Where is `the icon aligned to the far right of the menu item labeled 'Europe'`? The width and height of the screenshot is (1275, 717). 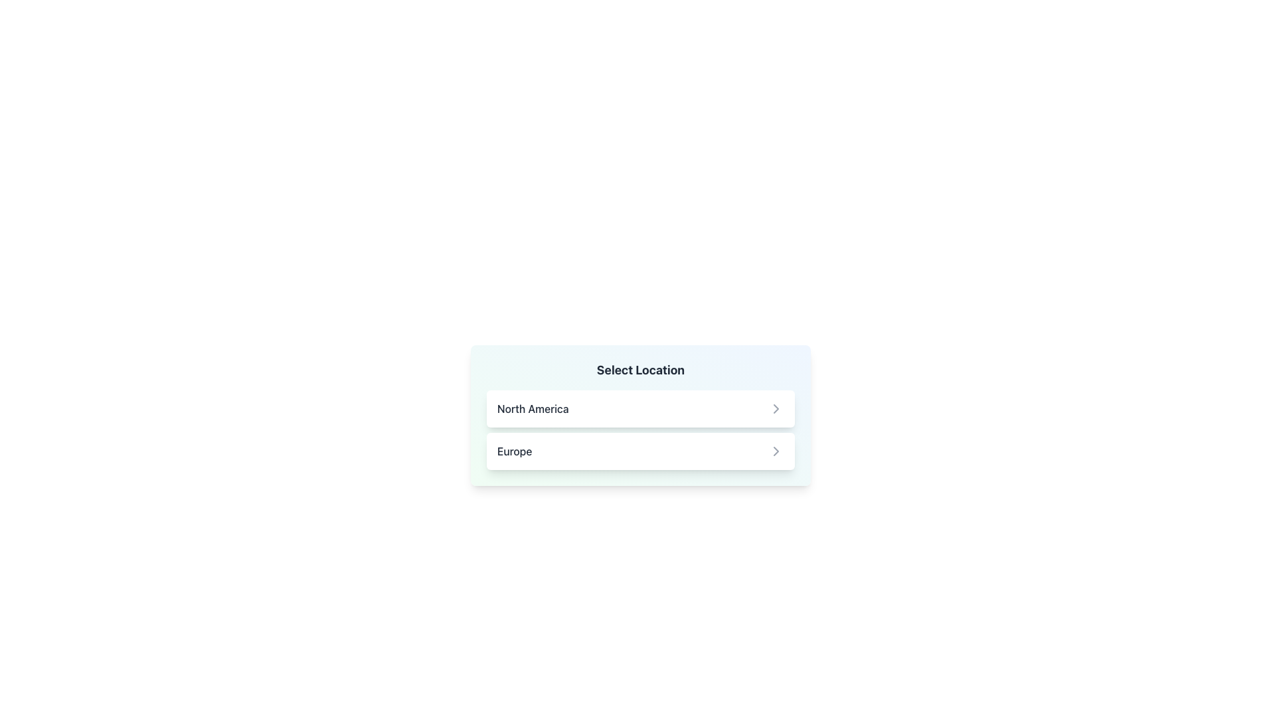
the icon aligned to the far right of the menu item labeled 'Europe' is located at coordinates (776, 450).